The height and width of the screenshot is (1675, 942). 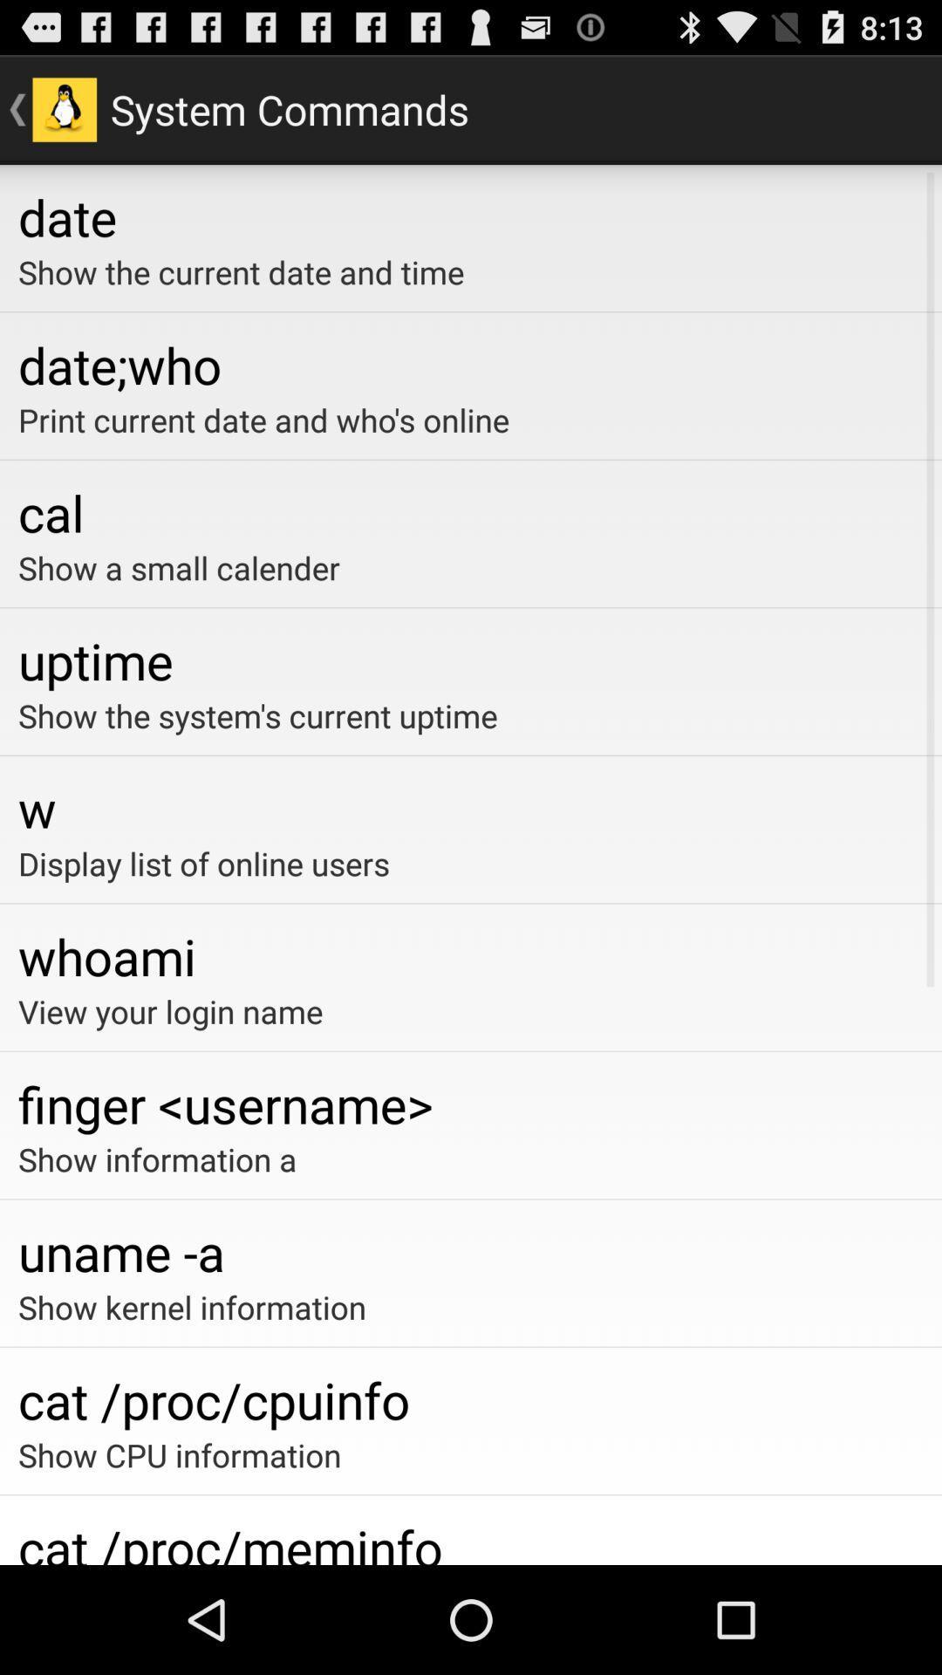 What do you see at coordinates (471, 955) in the screenshot?
I see `the icon below the display list of icon` at bounding box center [471, 955].